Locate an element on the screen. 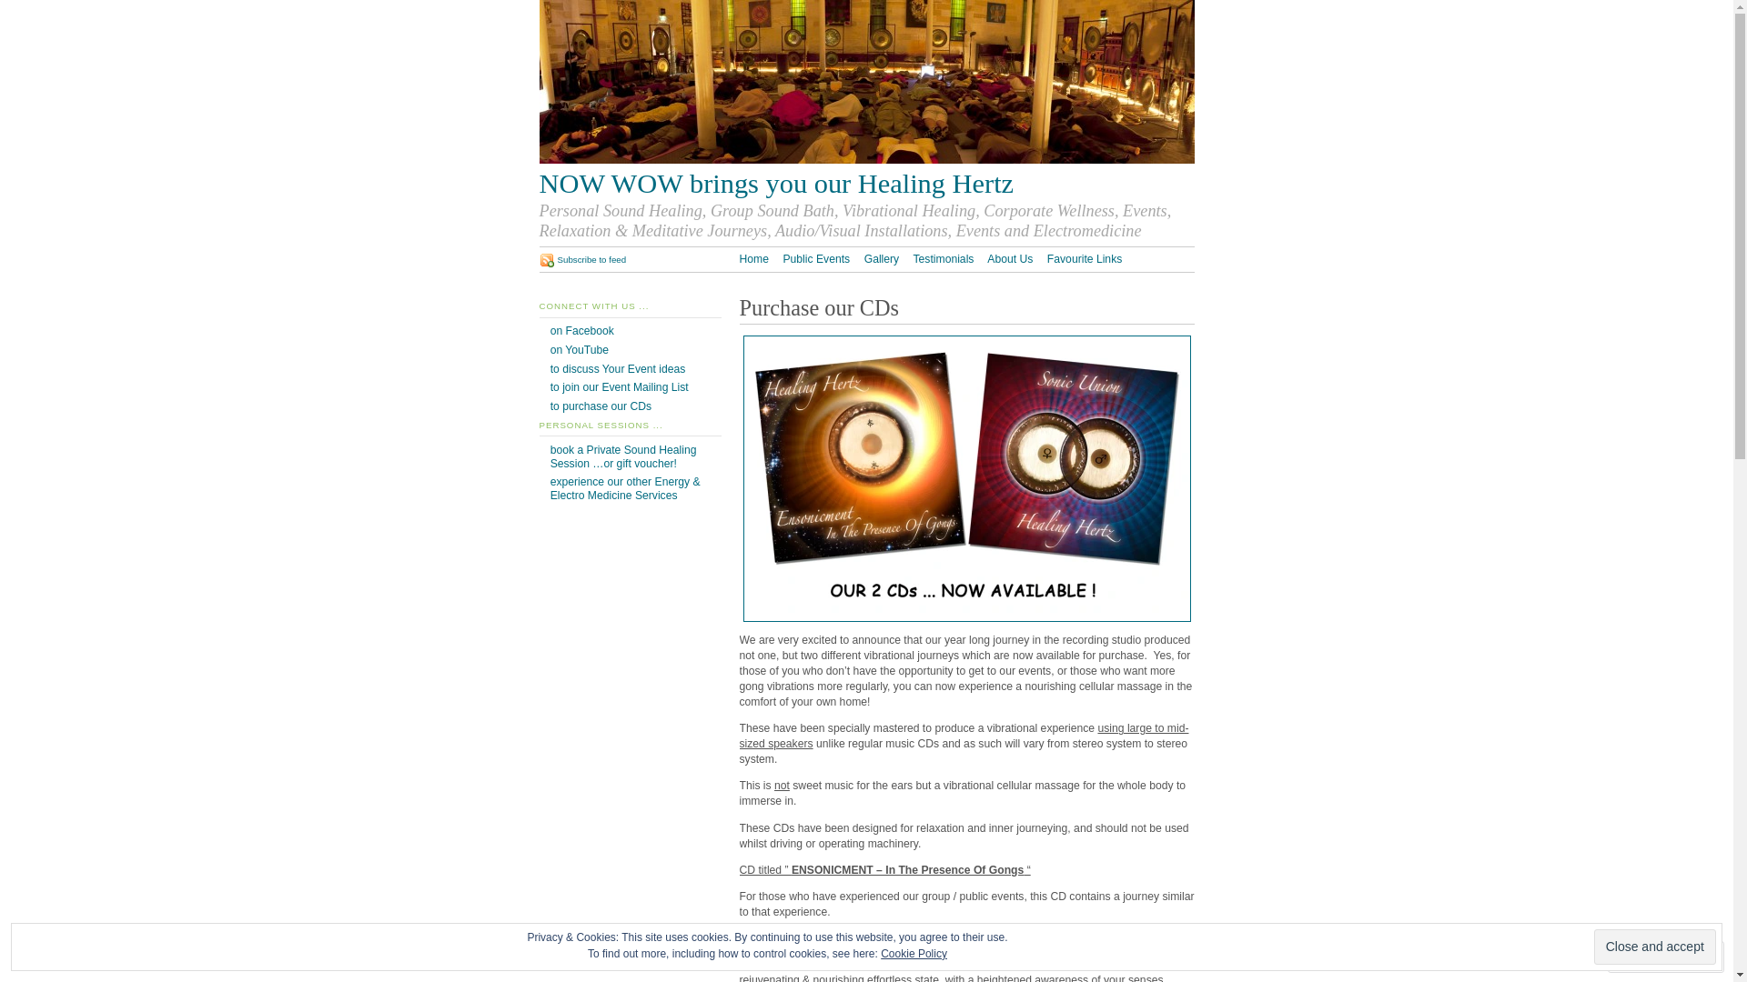 The image size is (1747, 982). 'Close and accept' is located at coordinates (1655, 946).